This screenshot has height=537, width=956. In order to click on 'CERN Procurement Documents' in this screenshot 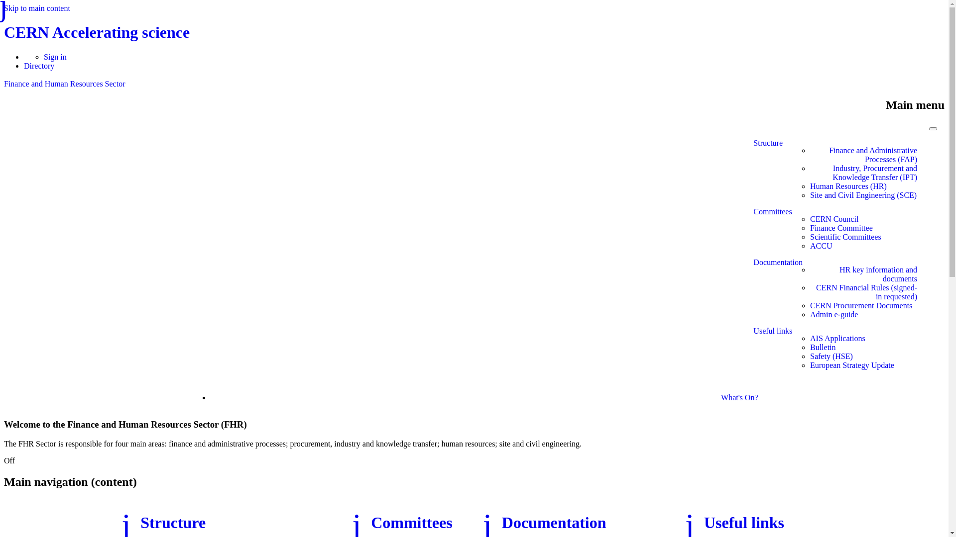, I will do `click(860, 305)`.